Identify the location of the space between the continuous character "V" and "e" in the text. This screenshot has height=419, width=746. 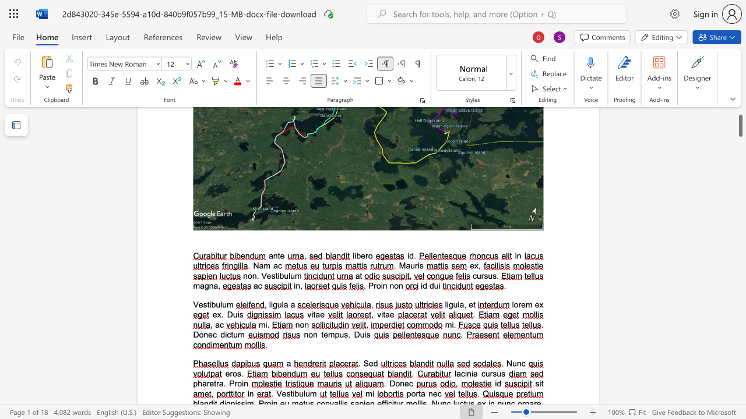
(266, 276).